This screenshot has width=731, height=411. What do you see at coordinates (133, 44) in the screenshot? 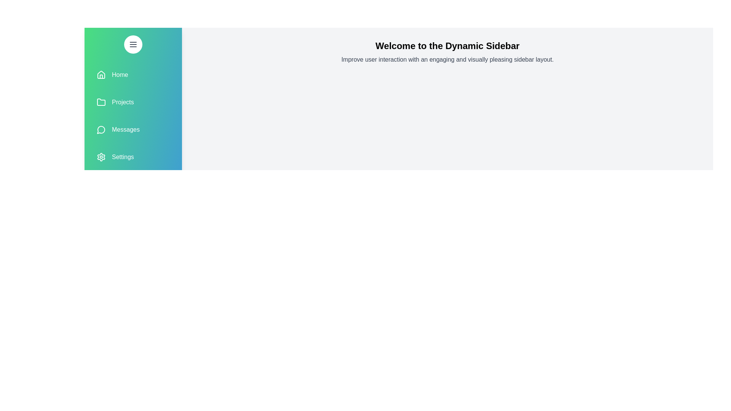
I see `menu button to toggle the sidebar's state` at bounding box center [133, 44].